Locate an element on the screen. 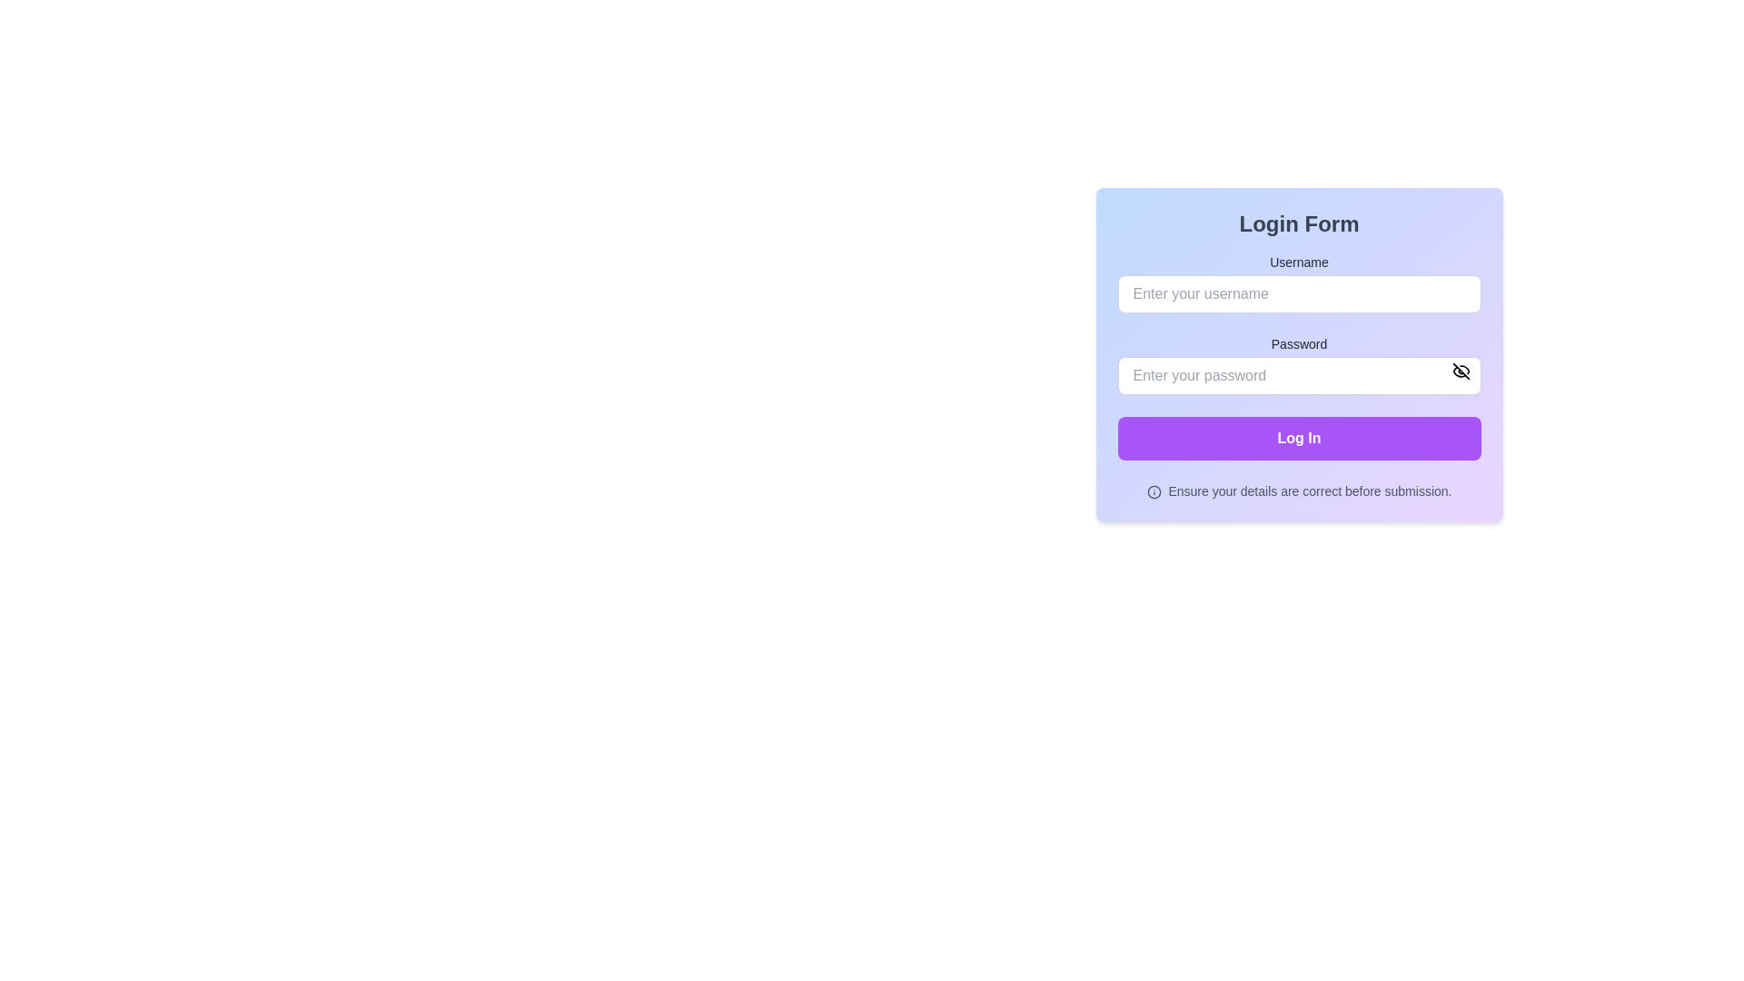  the circular information icon with a question mark inside it, located is located at coordinates (1153, 492).